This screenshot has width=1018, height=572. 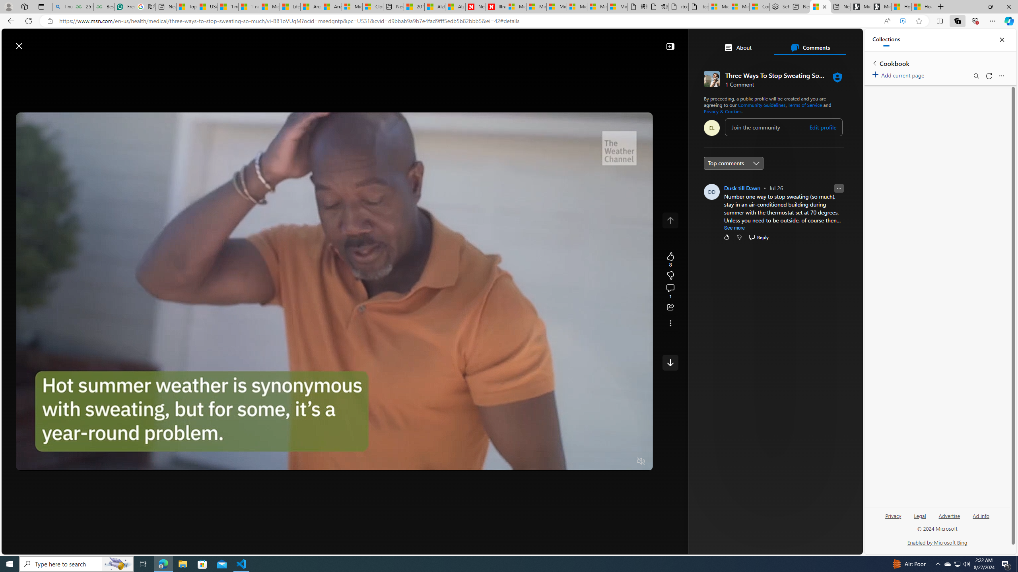 I want to click on '8', so click(x=670, y=275).